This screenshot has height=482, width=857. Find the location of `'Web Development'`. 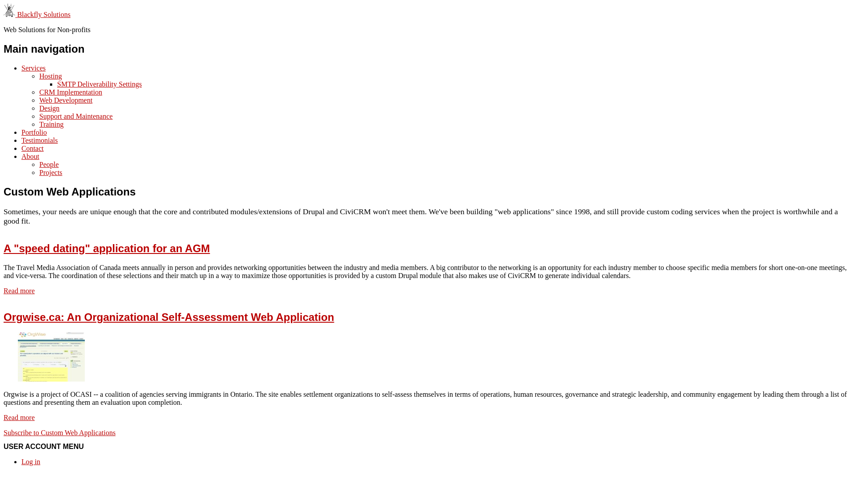

'Web Development' is located at coordinates (65, 100).